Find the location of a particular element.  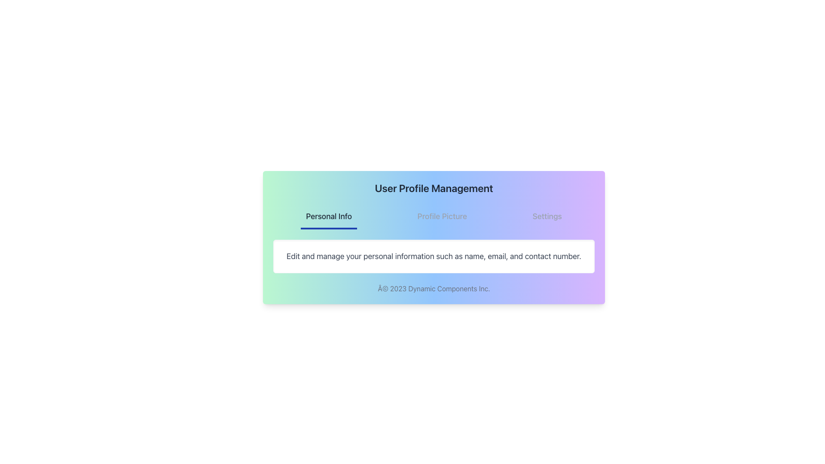

the 'Settings' tab is located at coordinates (547, 217).